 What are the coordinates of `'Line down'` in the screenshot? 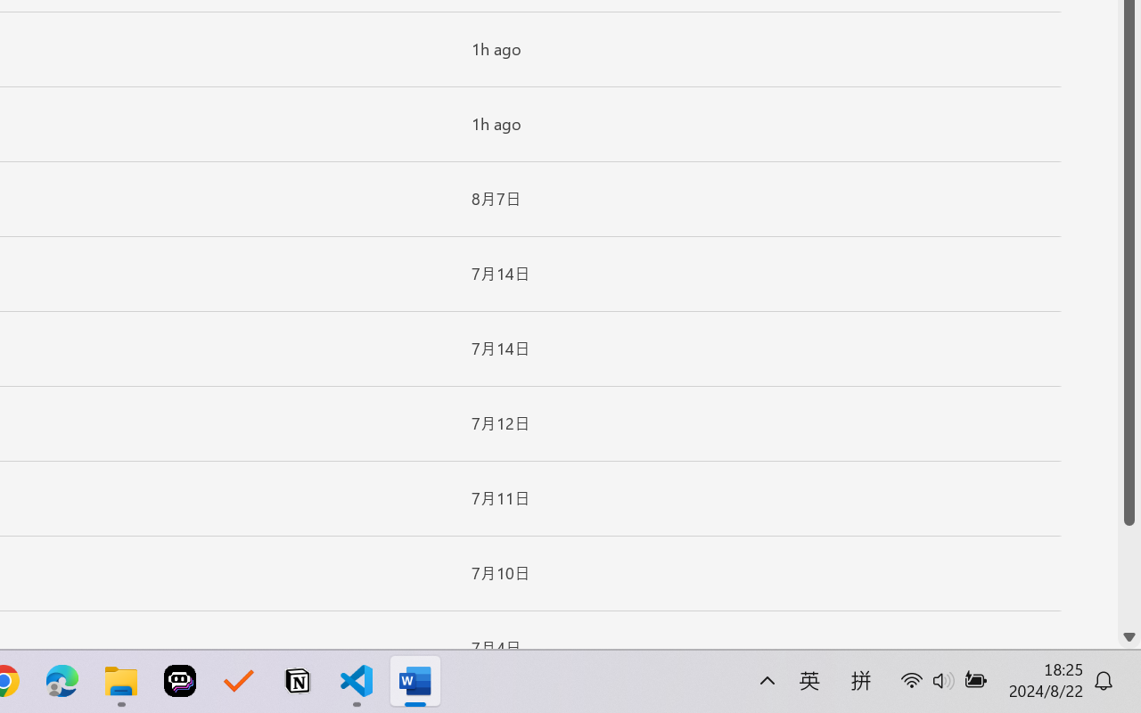 It's located at (1129, 636).